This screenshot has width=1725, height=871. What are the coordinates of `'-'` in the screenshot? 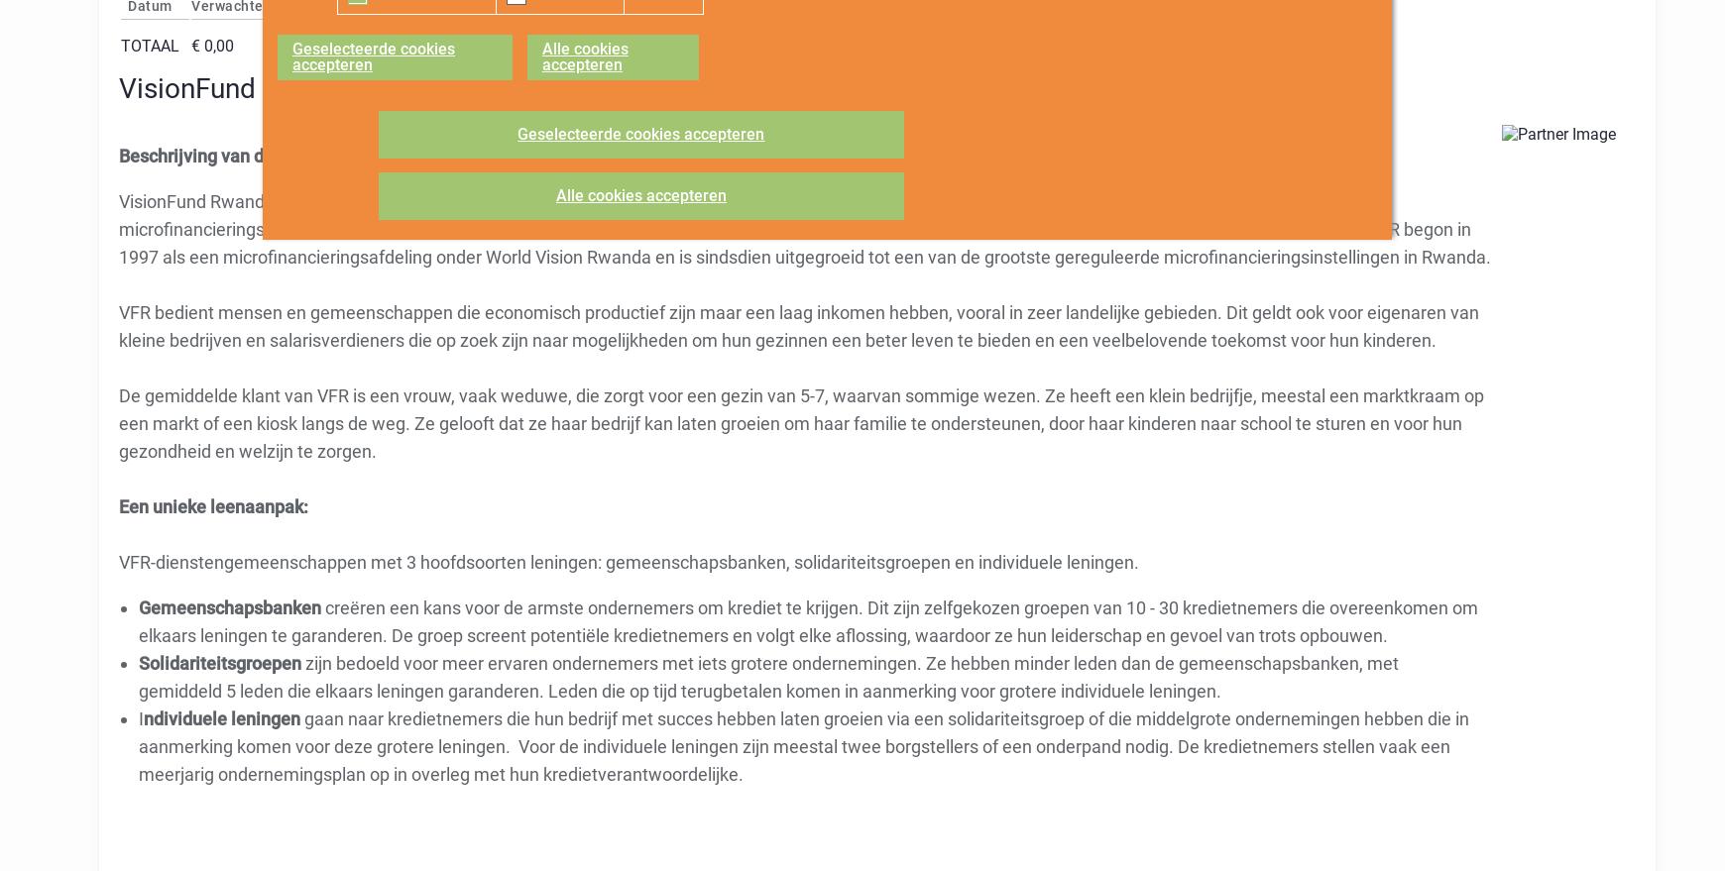 It's located at (581, 45).